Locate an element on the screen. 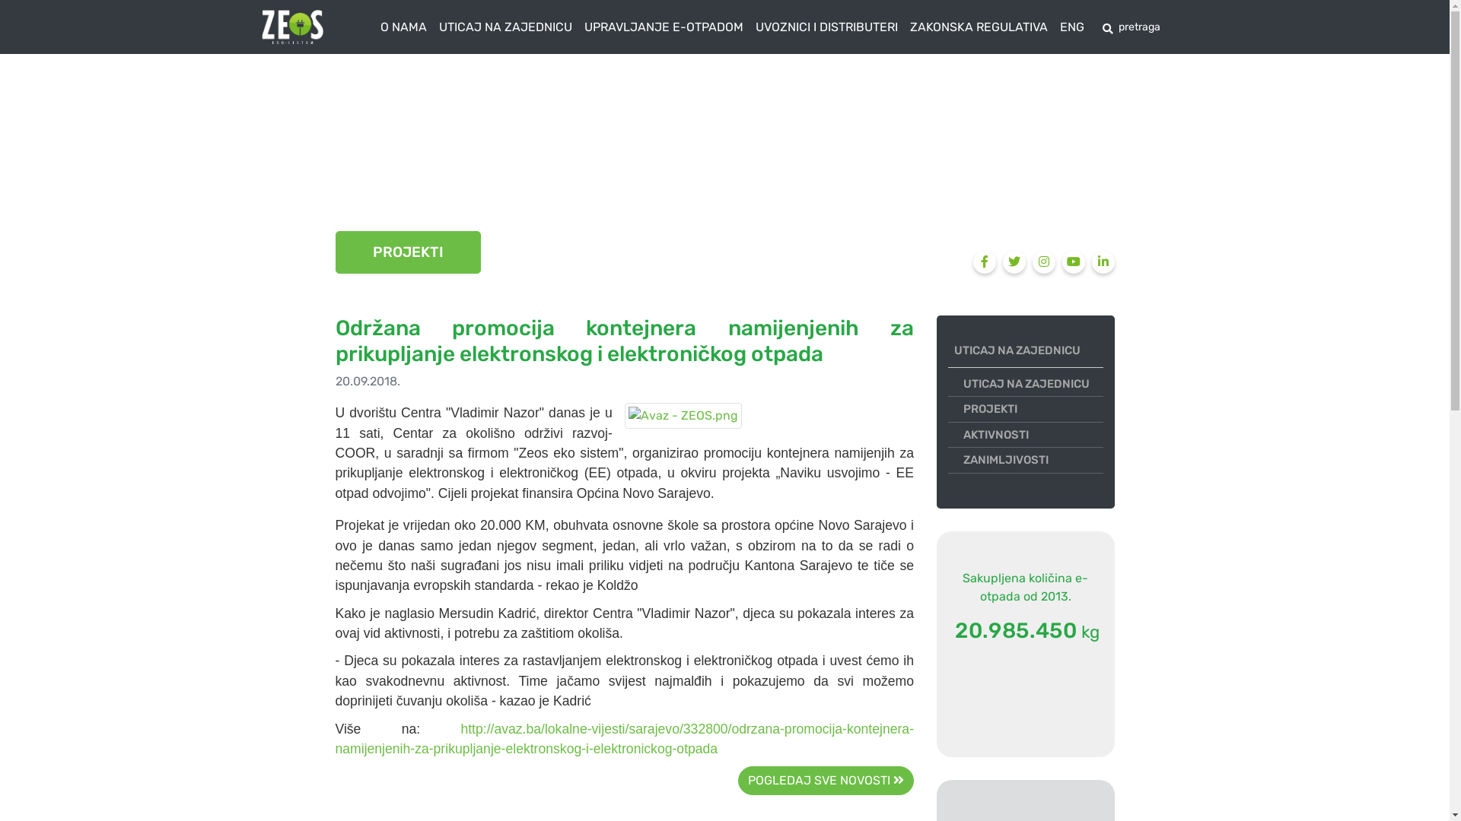 The height and width of the screenshot is (821, 1461). 'AKTIVNOSTI' is located at coordinates (963, 435).